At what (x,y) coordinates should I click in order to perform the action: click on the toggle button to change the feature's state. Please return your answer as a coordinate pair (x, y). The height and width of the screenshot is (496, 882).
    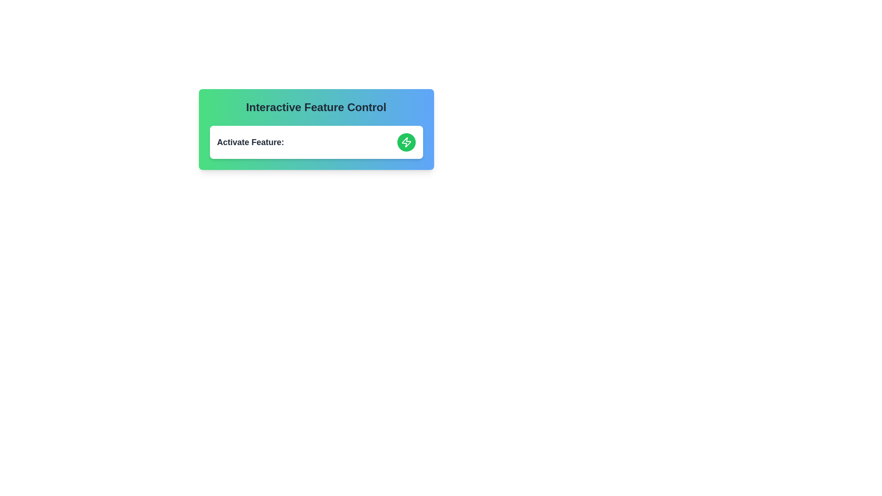
    Looking at the image, I should click on (406, 142).